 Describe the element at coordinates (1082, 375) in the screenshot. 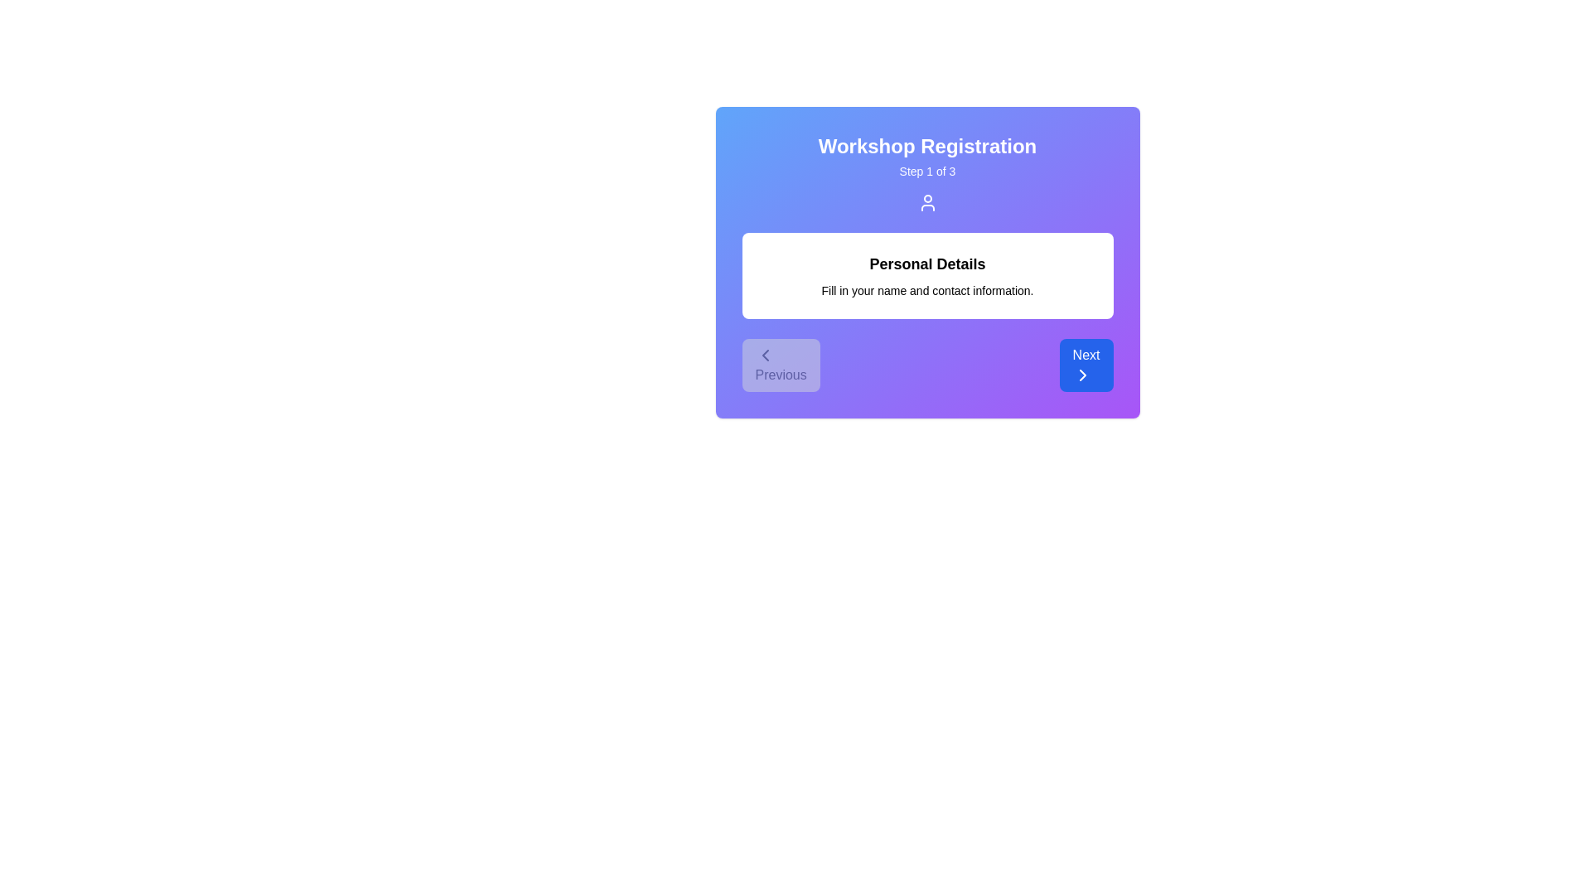

I see `the right-pointing arrow icon within the 'Next' button, which has a blue background and is located at the bottom-right corner of the interface` at that location.